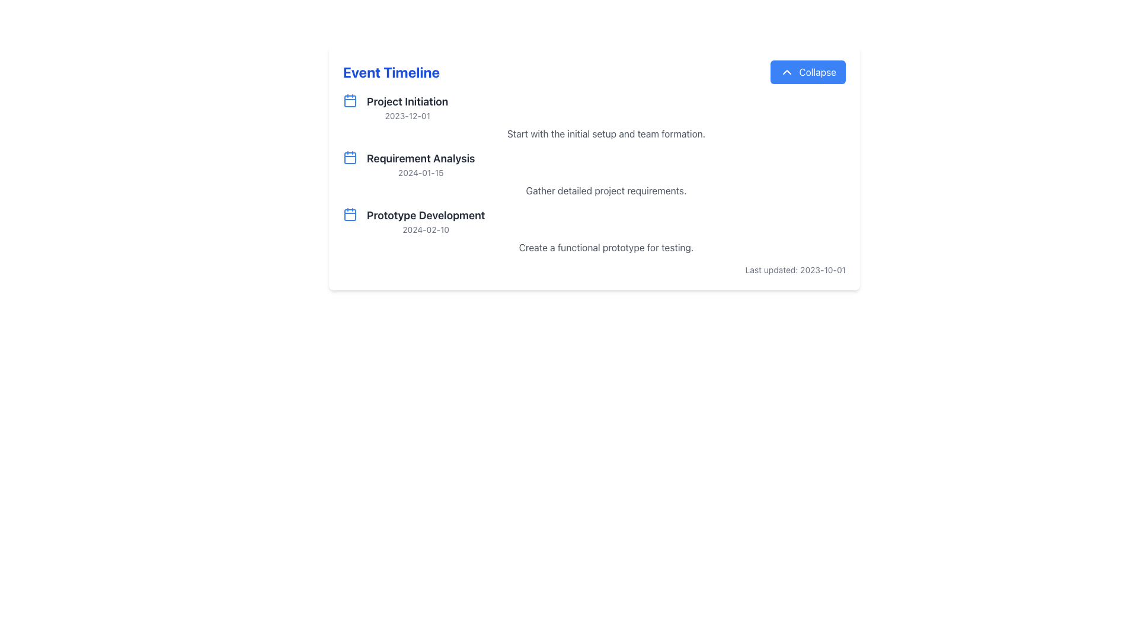 The width and height of the screenshot is (1138, 640). I want to click on the label displaying 'Project Initiation' with the date '2023-12-01', which is the first item in the list below the 'Event Timeline' heading, so click(407, 107).